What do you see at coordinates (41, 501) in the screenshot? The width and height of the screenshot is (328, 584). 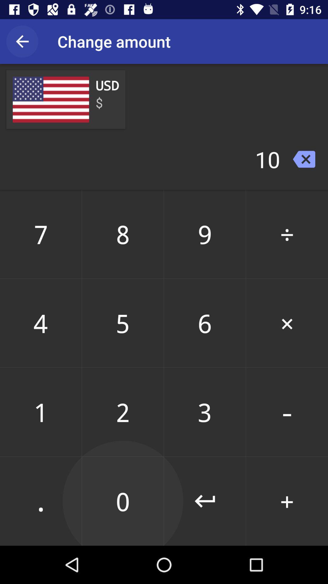 I see `the . icon` at bounding box center [41, 501].